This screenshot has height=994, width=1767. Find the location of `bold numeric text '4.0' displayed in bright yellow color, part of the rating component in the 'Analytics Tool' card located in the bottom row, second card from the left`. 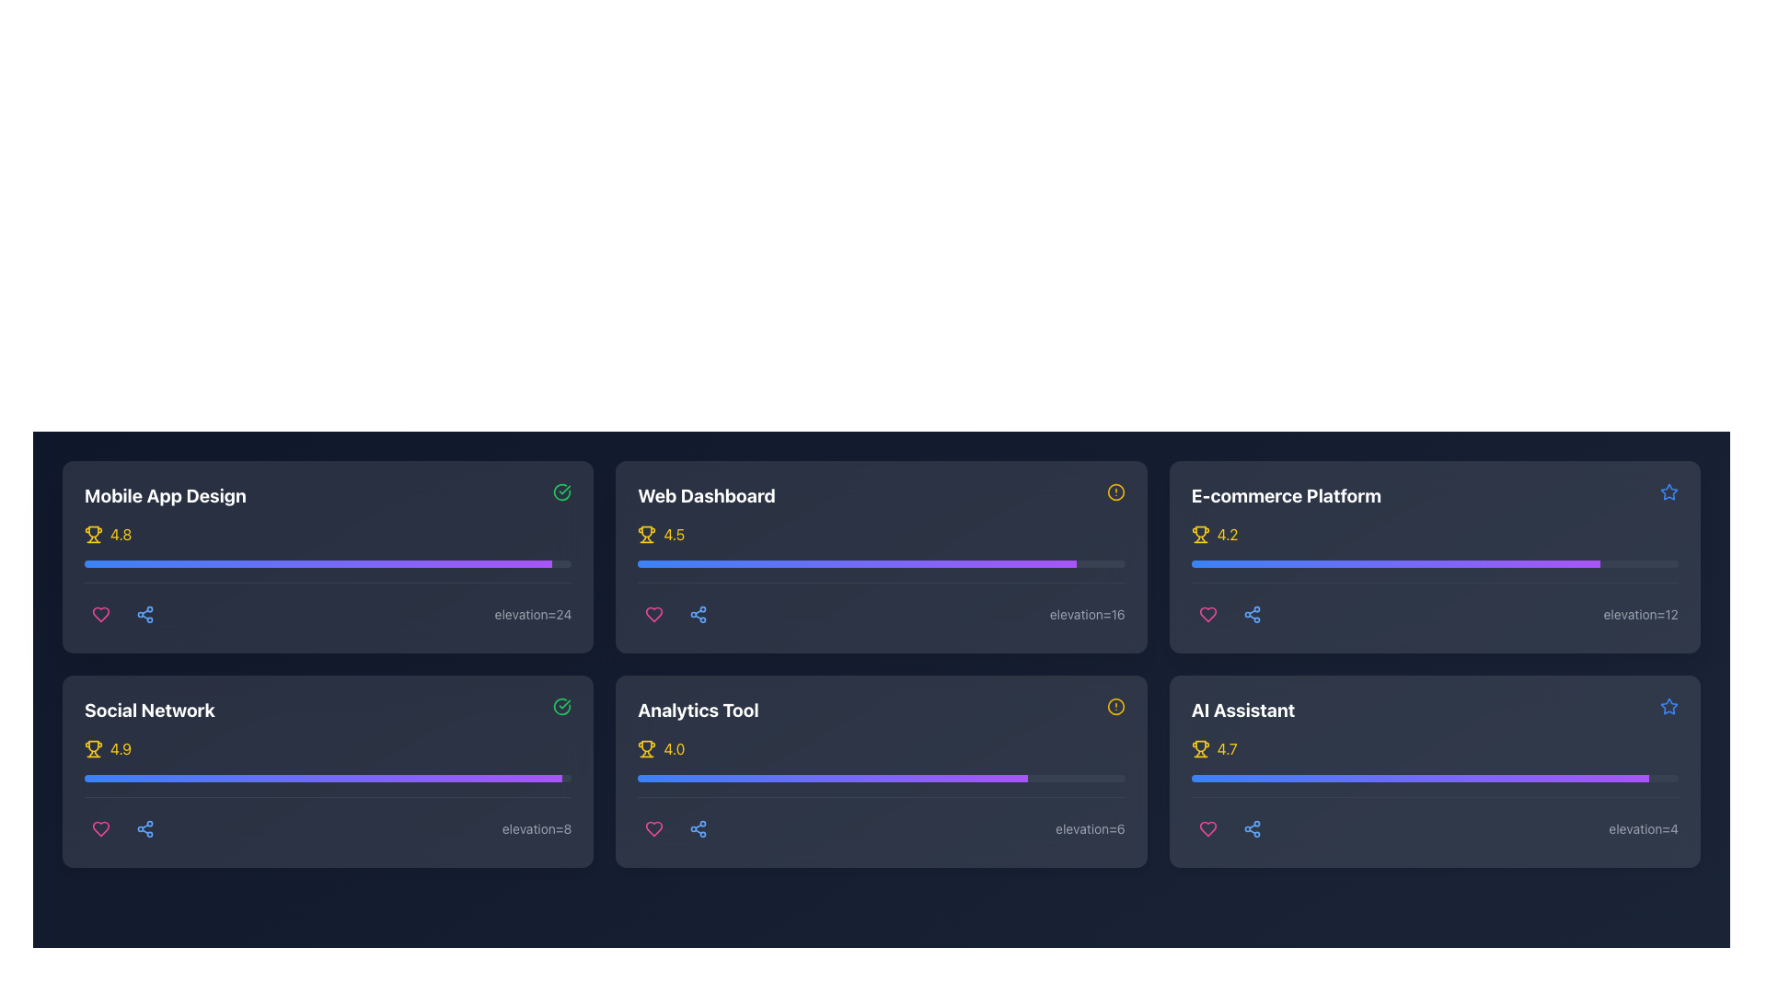

bold numeric text '4.0' displayed in bright yellow color, part of the rating component in the 'Analytics Tool' card located in the bottom row, second card from the left is located at coordinates (673, 748).